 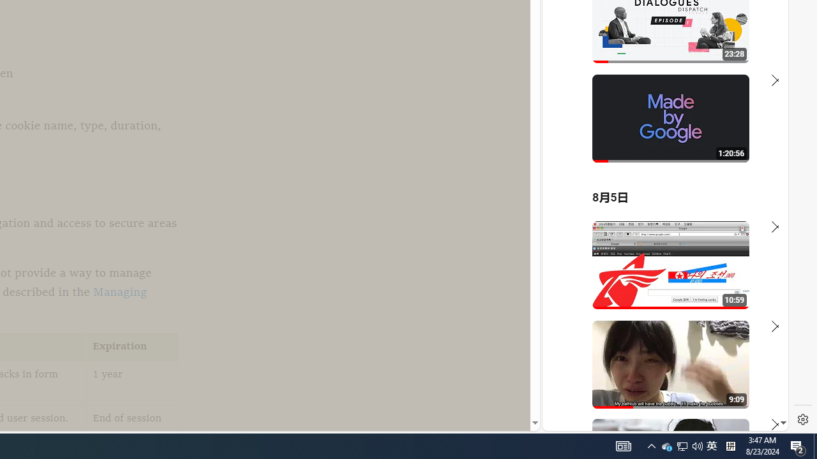 I want to click on 'User Promoted Notification Area', so click(x=681, y=445).